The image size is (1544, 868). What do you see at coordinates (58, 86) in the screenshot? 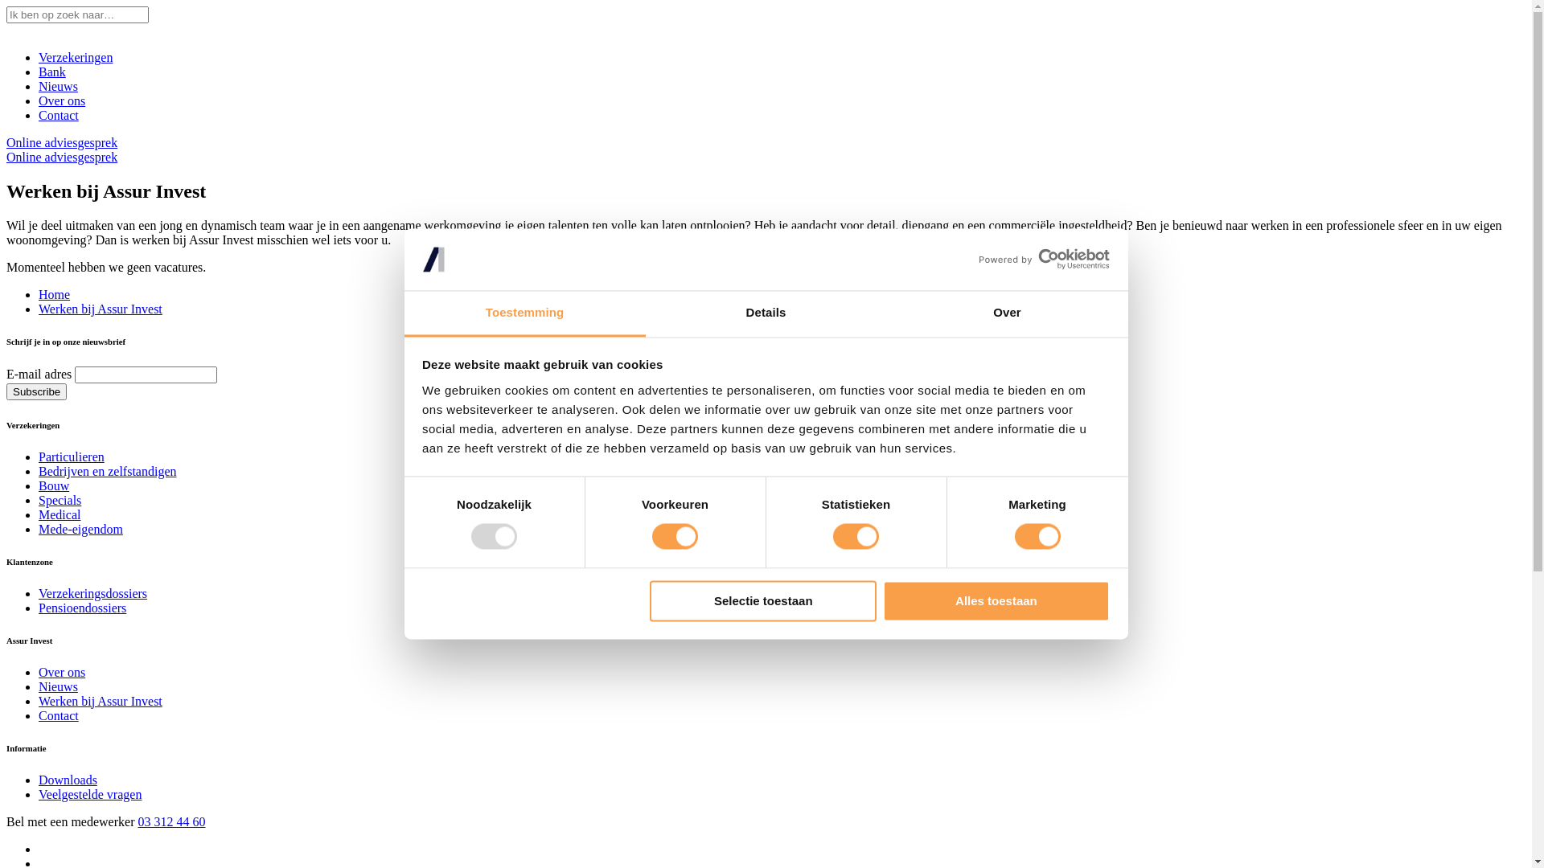
I see `'Nieuws'` at bounding box center [58, 86].